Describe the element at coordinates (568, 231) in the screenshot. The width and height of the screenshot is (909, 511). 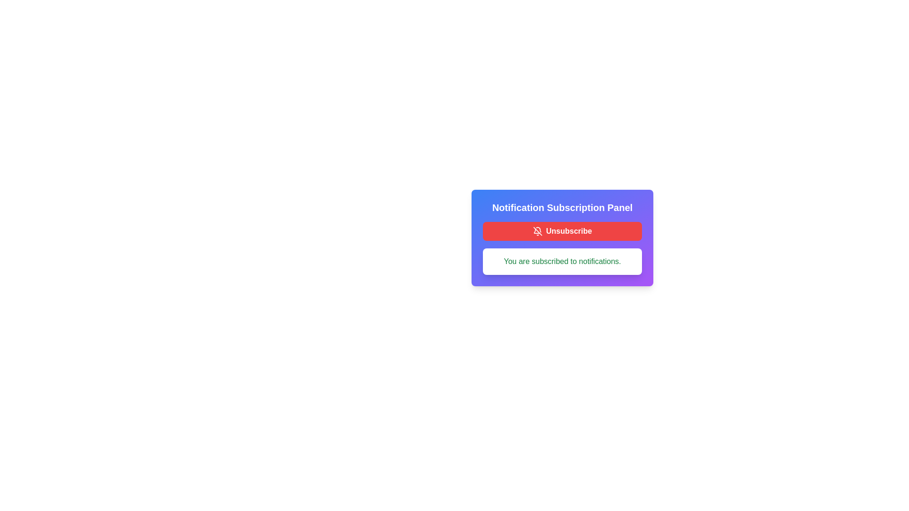
I see `displayed text 'Unsubscribe' within the button element, which has a white font on a red background and is centrally aligned in the button interface beneath a blue header` at that location.